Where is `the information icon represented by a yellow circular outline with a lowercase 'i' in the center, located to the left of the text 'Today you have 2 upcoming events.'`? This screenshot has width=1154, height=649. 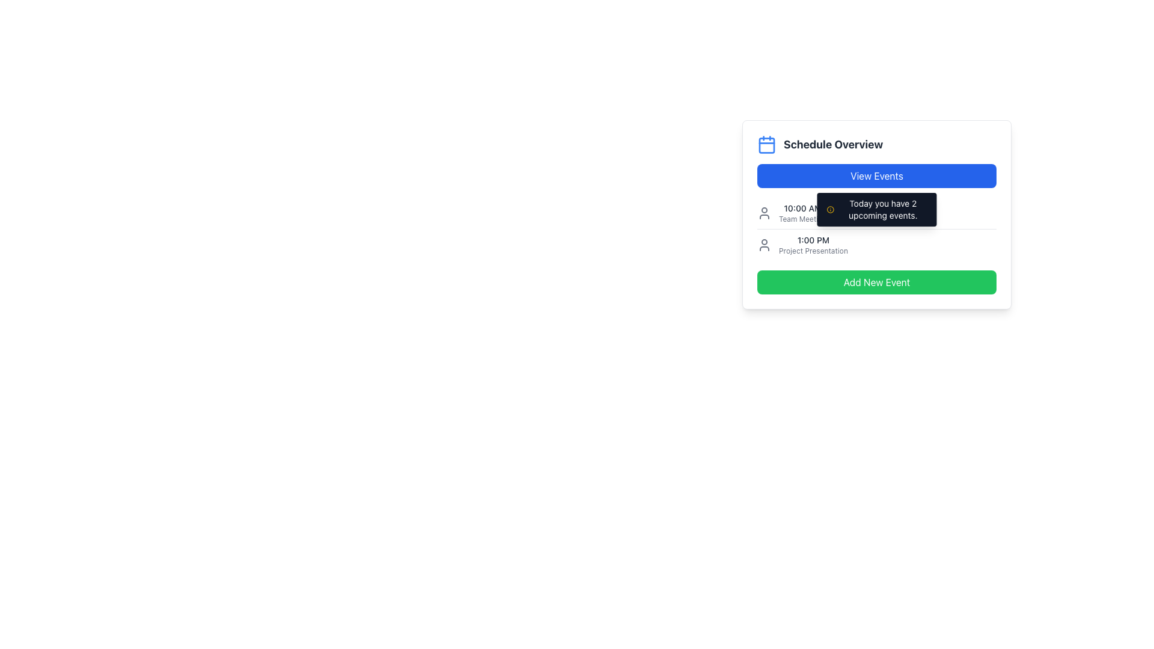
the information icon represented by a yellow circular outline with a lowercase 'i' in the center, located to the left of the text 'Today you have 2 upcoming events.' is located at coordinates (829, 209).